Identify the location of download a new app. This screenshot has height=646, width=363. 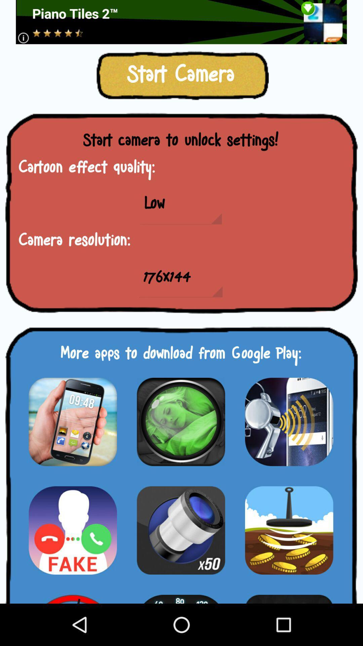
(73, 530).